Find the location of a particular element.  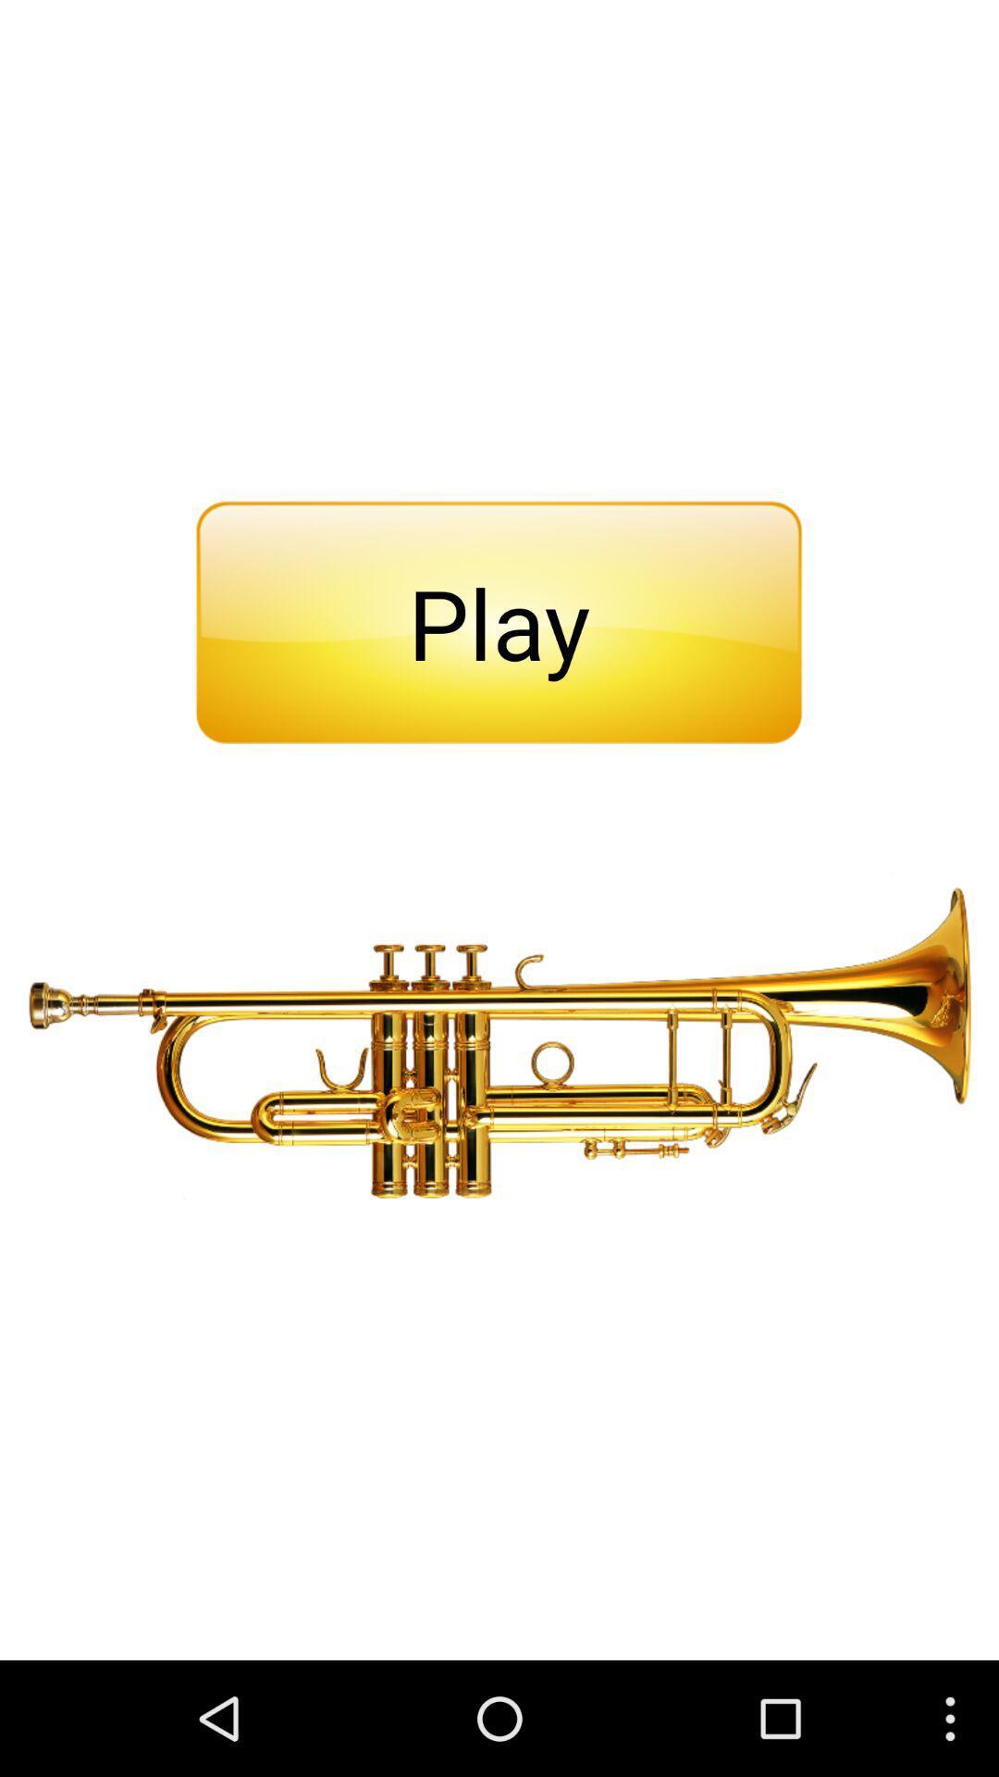

the play item is located at coordinates (498, 622).